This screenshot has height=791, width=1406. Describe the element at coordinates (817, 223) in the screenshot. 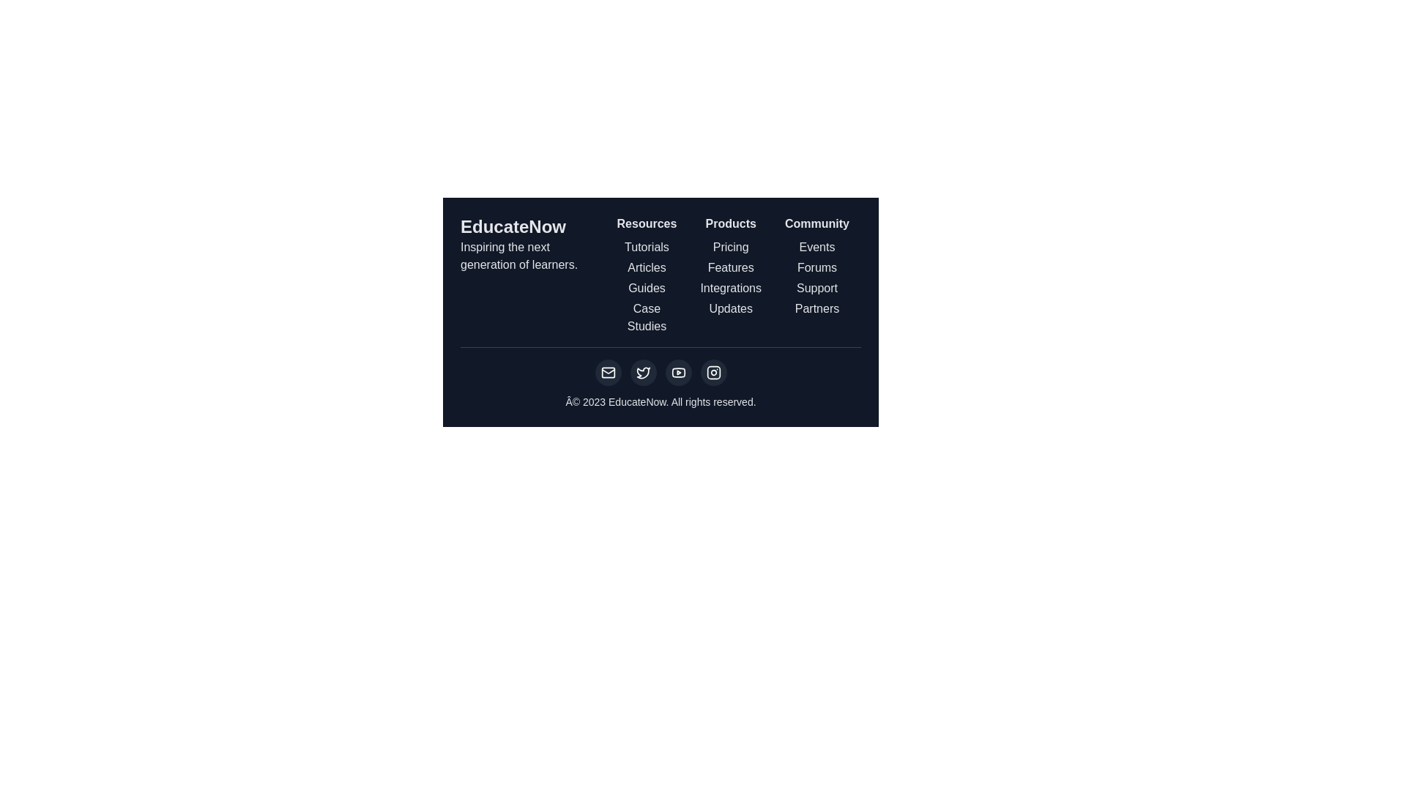

I see `the heading text in the 'Community' section, which is located at the center-right of the layout and serves as a label for the links` at that location.